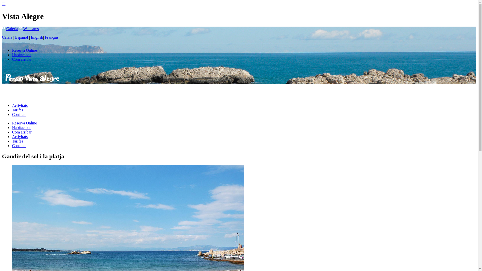 This screenshot has width=482, height=271. I want to click on 'Com arribar', so click(12, 132).